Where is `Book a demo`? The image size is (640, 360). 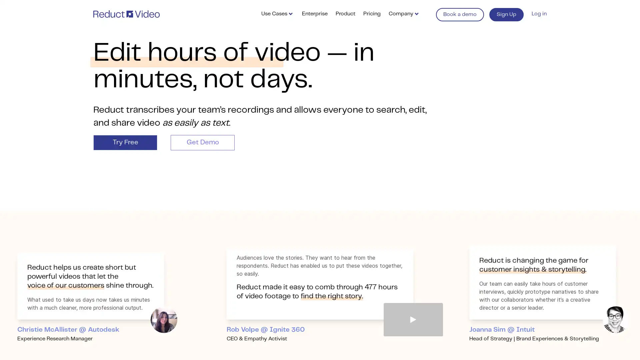 Book a demo is located at coordinates (460, 14).